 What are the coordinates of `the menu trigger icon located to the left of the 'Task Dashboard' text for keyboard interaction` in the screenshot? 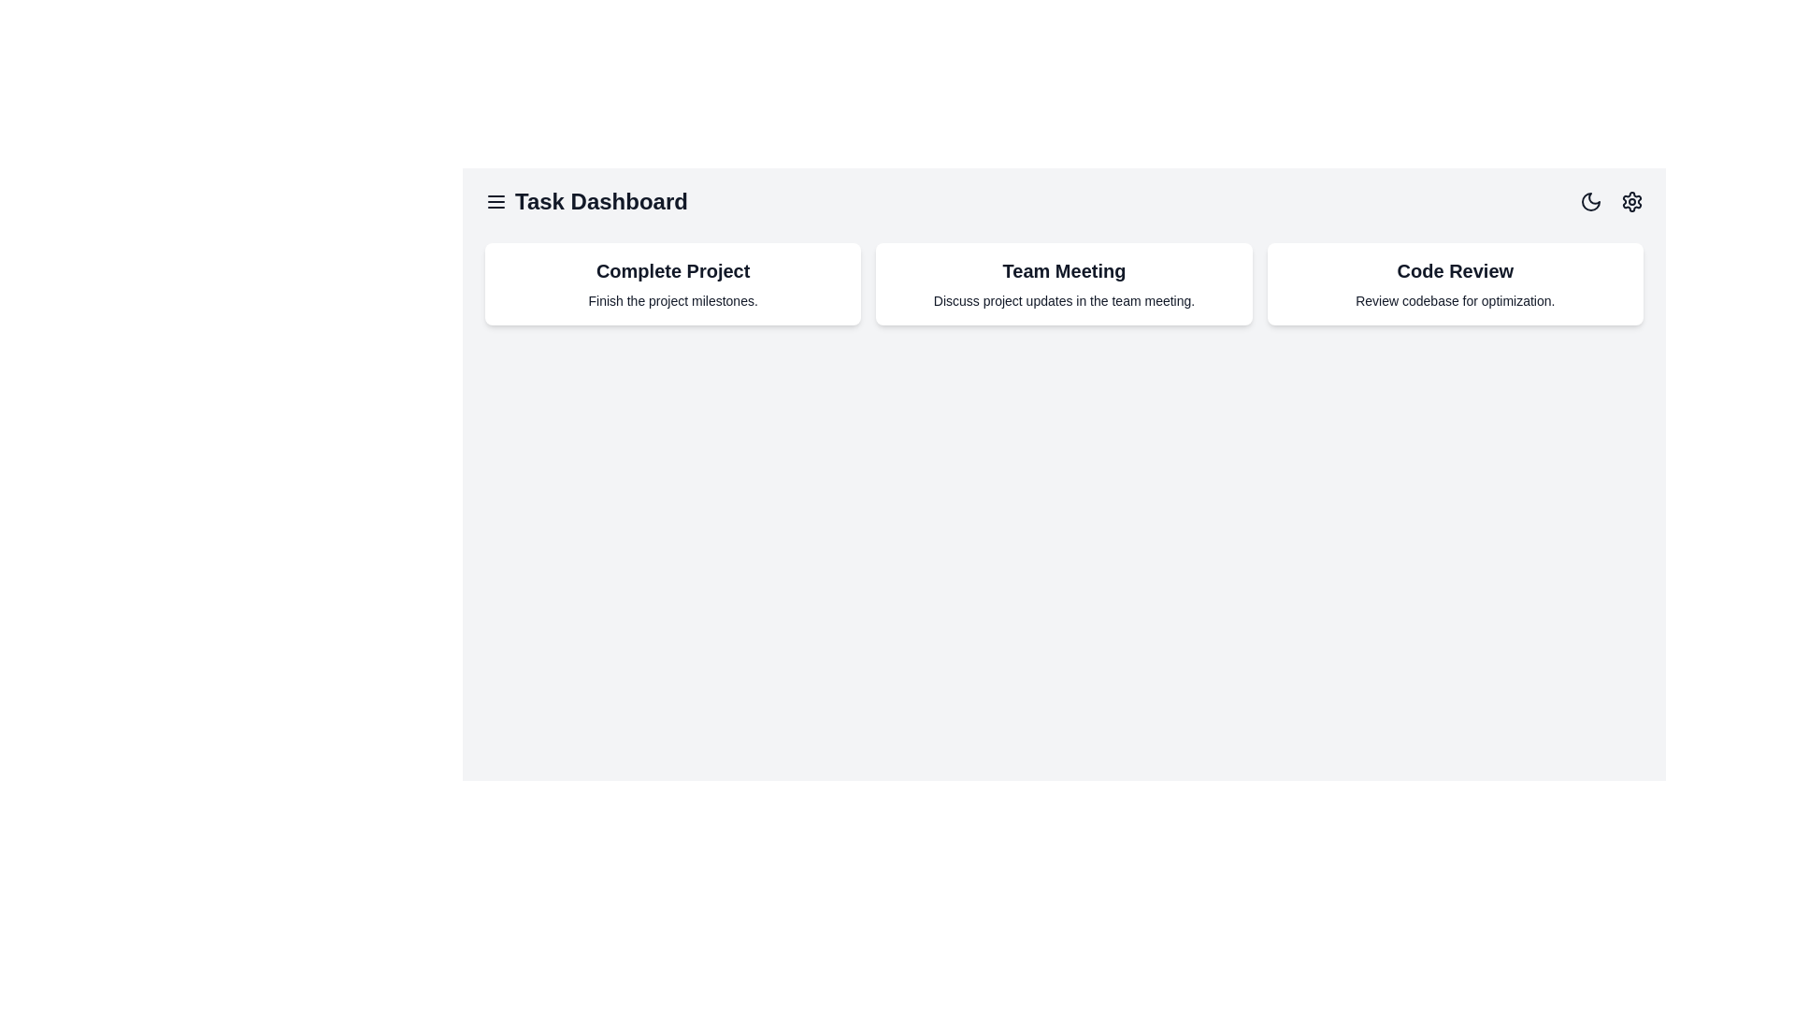 It's located at (496, 202).